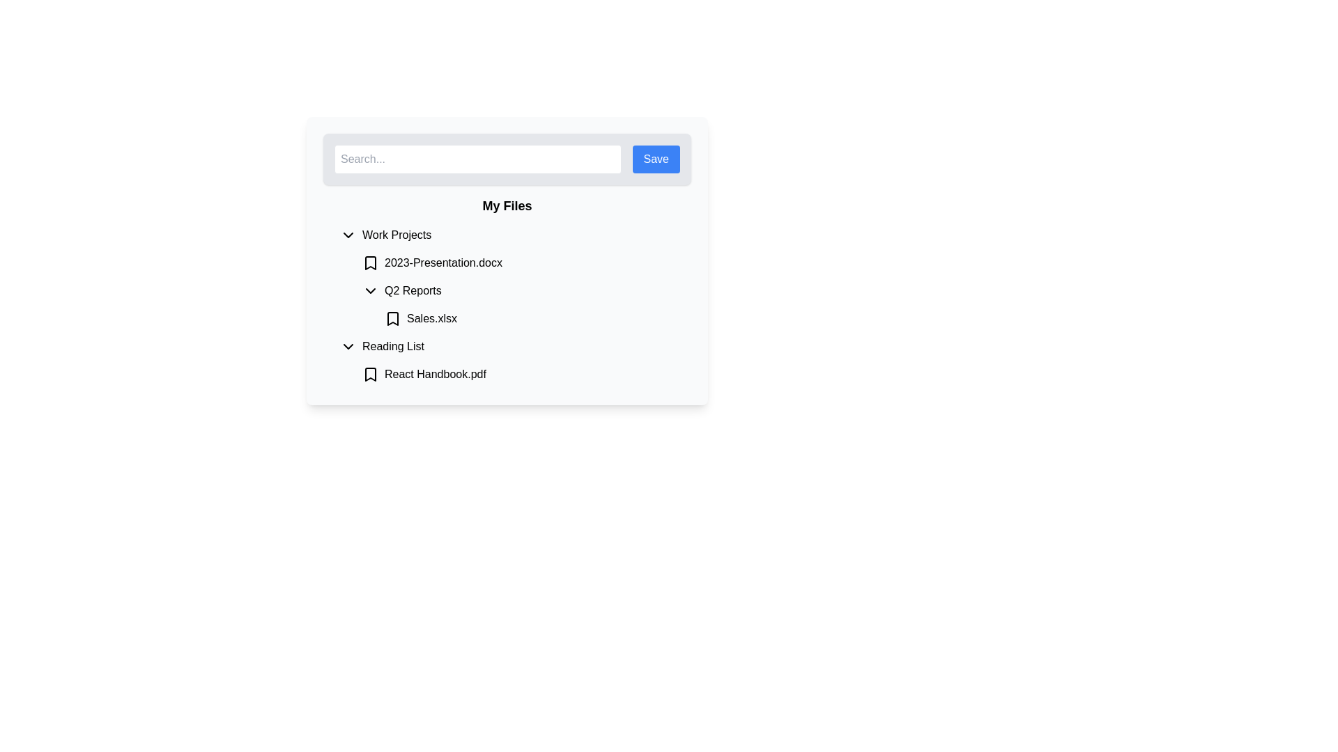 This screenshot has width=1338, height=752. I want to click on the first item in the 'Work Projects' section of the file list, so click(523, 263).